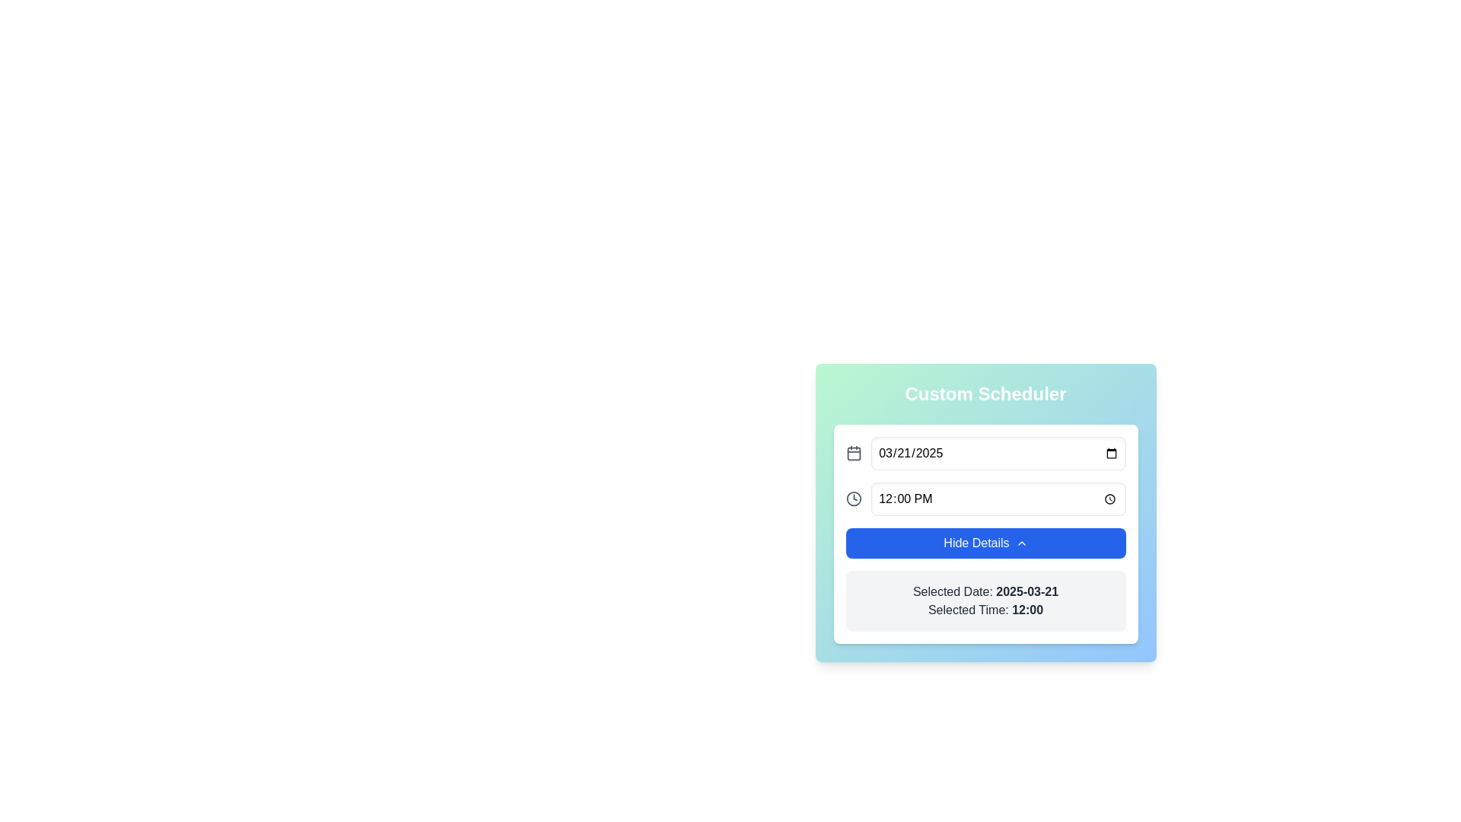 The height and width of the screenshot is (822, 1461). What do you see at coordinates (1021, 542) in the screenshot?
I see `the small upward-facing chevron icon located next to the 'Hide Details' text on the blue button in the Custom Scheduler interface` at bounding box center [1021, 542].